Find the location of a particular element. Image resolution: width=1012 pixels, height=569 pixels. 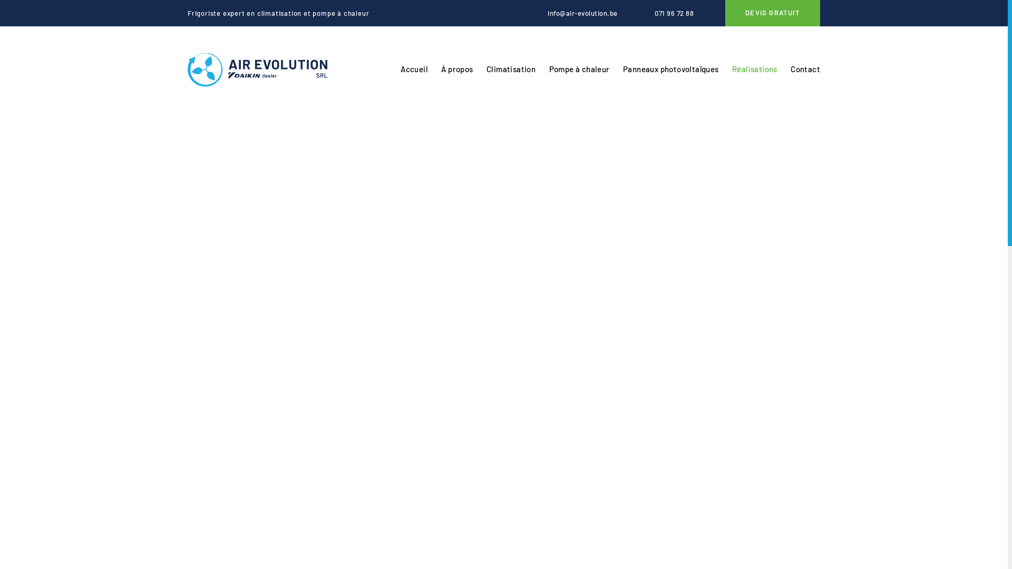

'DEVIS GRATUIT' is located at coordinates (772, 13).